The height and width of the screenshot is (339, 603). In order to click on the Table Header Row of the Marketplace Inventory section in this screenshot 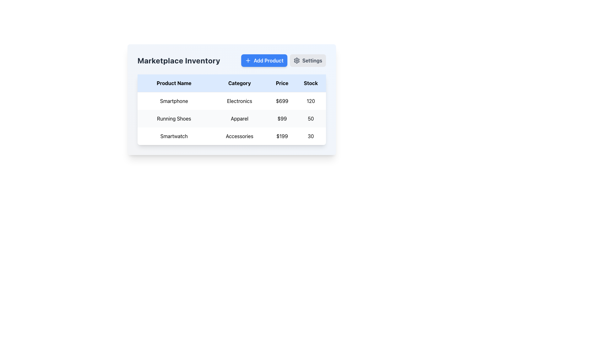, I will do `click(231, 83)`.